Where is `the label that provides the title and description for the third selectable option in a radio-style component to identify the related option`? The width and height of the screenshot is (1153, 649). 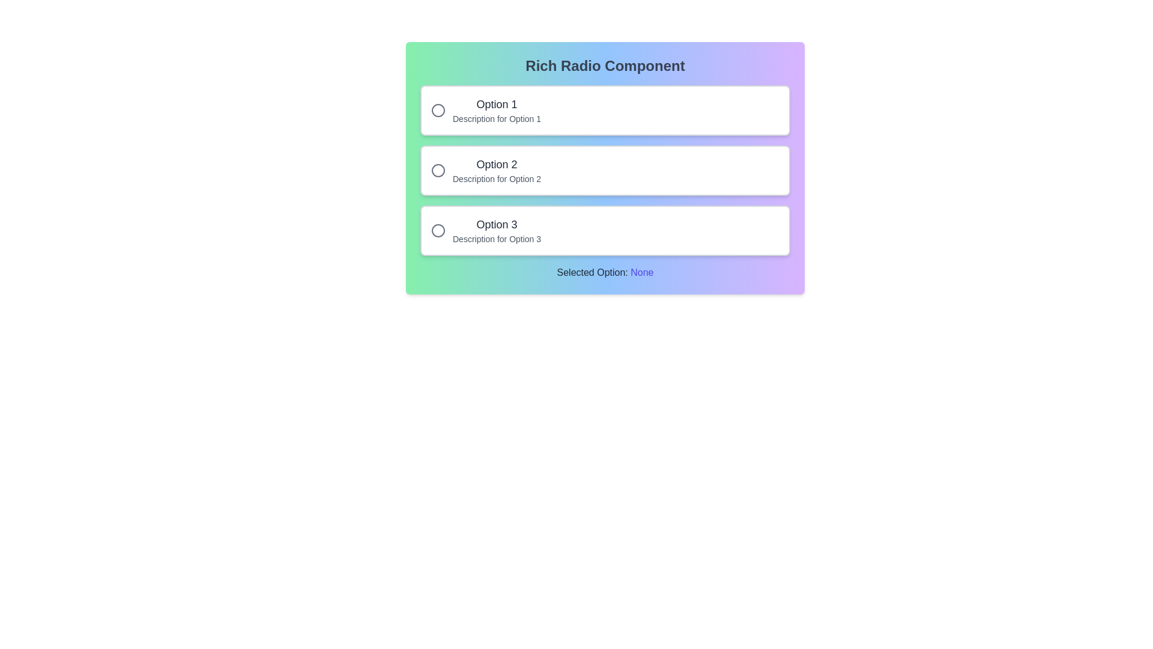 the label that provides the title and description for the third selectable option in a radio-style component to identify the related option is located at coordinates (497, 231).